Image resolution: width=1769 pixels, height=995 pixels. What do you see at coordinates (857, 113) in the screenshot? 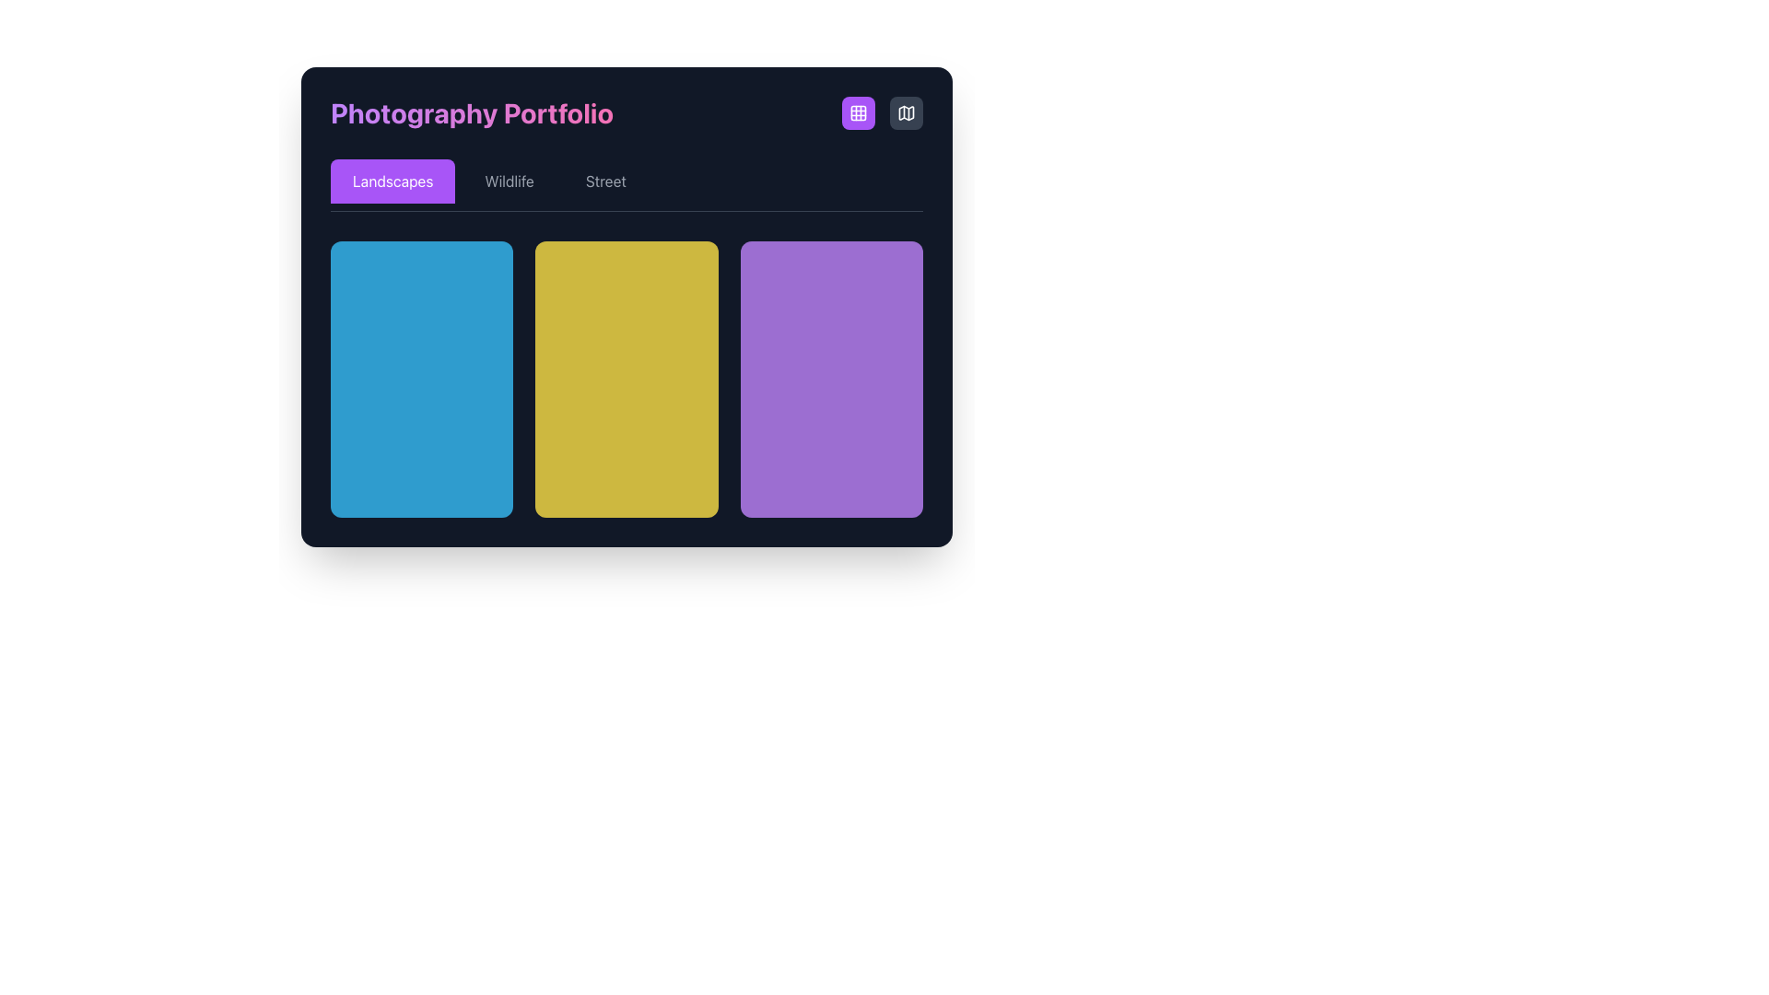
I see `the grid view toggle SVG icon located in the top-right corner of the interface` at bounding box center [857, 113].